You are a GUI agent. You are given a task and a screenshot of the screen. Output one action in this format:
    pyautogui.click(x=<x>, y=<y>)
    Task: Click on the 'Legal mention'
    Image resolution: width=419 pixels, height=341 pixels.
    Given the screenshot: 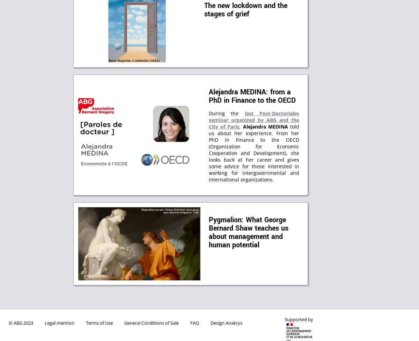 What is the action you would take?
    pyautogui.click(x=59, y=323)
    